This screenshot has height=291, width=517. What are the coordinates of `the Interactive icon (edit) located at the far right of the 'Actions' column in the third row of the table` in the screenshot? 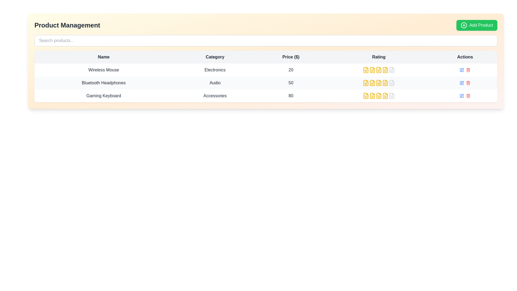 It's located at (462, 95).